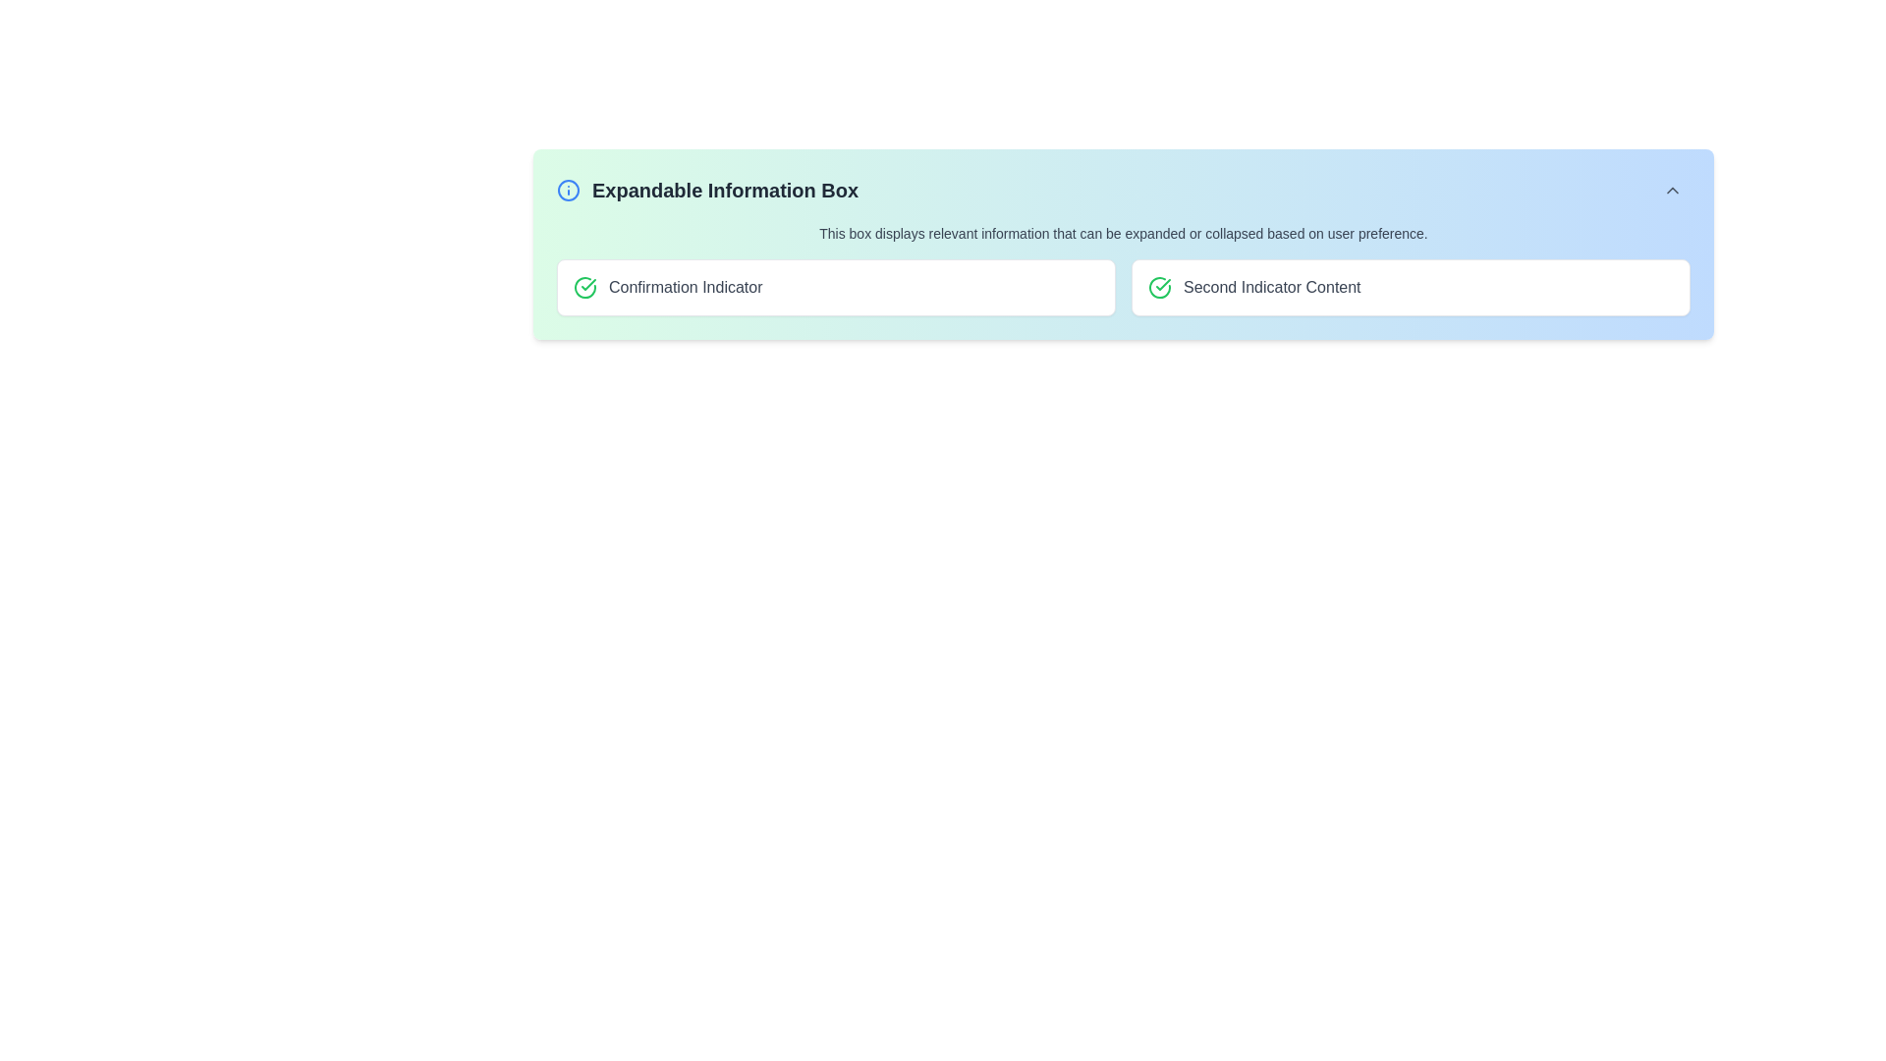 The width and height of the screenshot is (1886, 1061). What do you see at coordinates (1672, 190) in the screenshot?
I see `the chevron icon button located` at bounding box center [1672, 190].